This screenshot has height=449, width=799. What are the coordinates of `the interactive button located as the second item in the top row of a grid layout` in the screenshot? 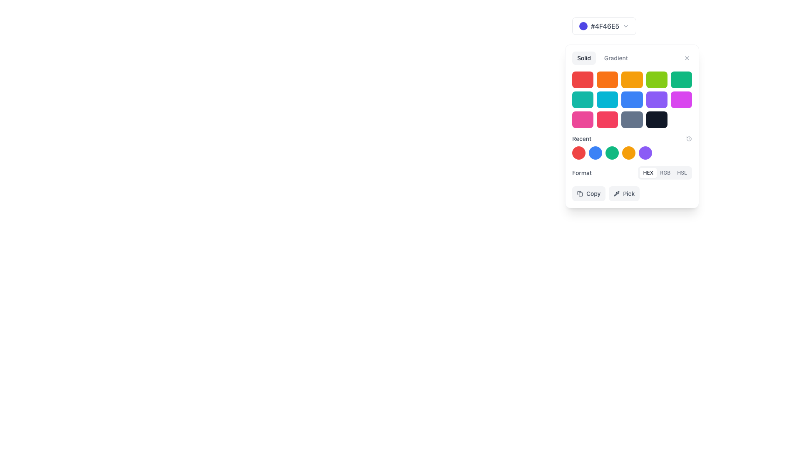 It's located at (607, 80).